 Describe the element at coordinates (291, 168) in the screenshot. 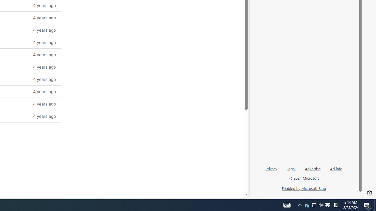

I see `'Legal'` at that location.